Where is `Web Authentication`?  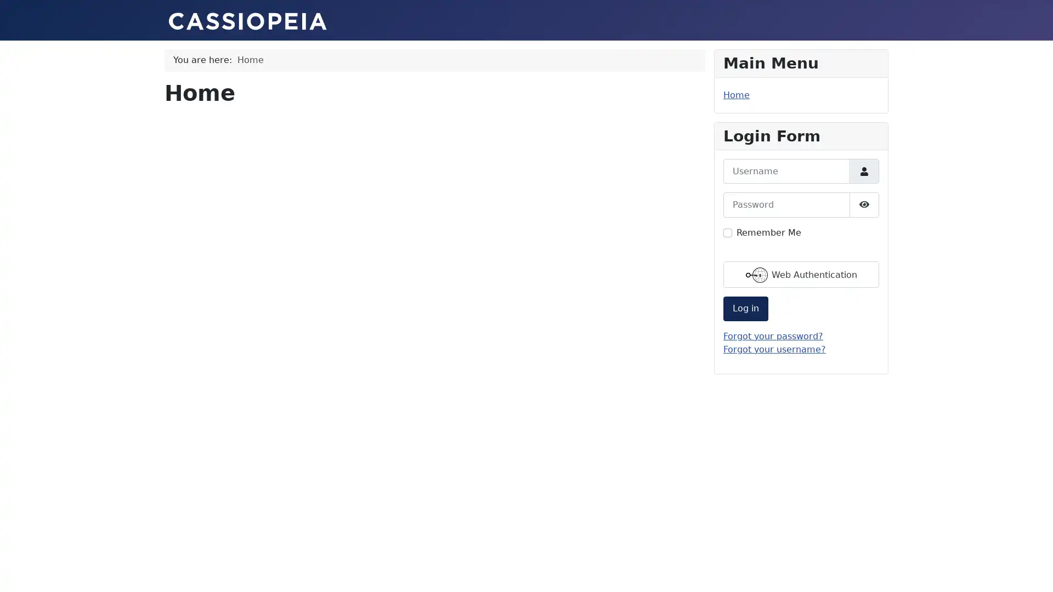
Web Authentication is located at coordinates (801, 274).